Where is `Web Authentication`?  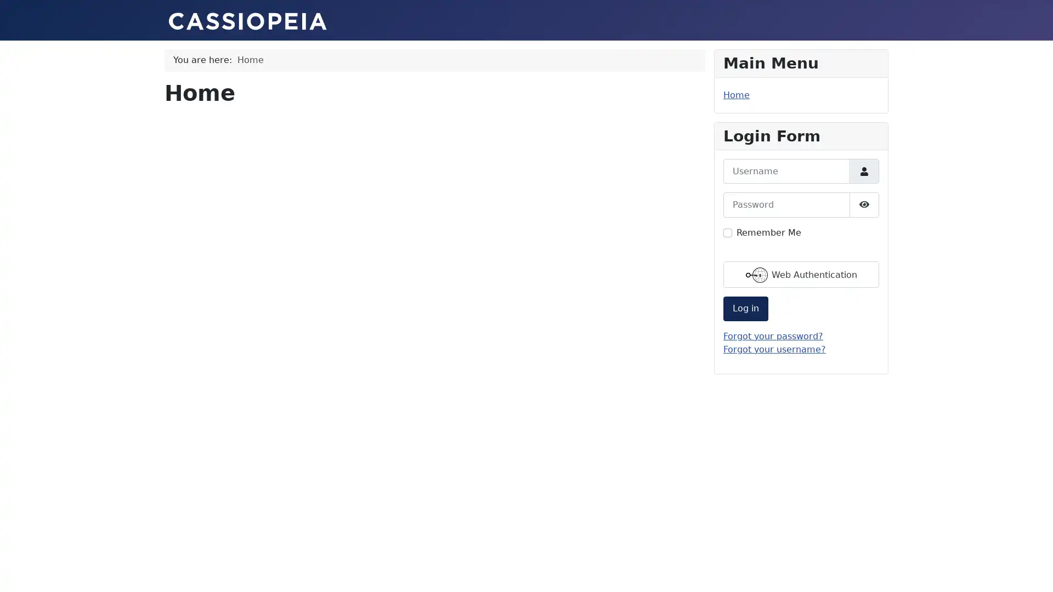
Web Authentication is located at coordinates (801, 274).